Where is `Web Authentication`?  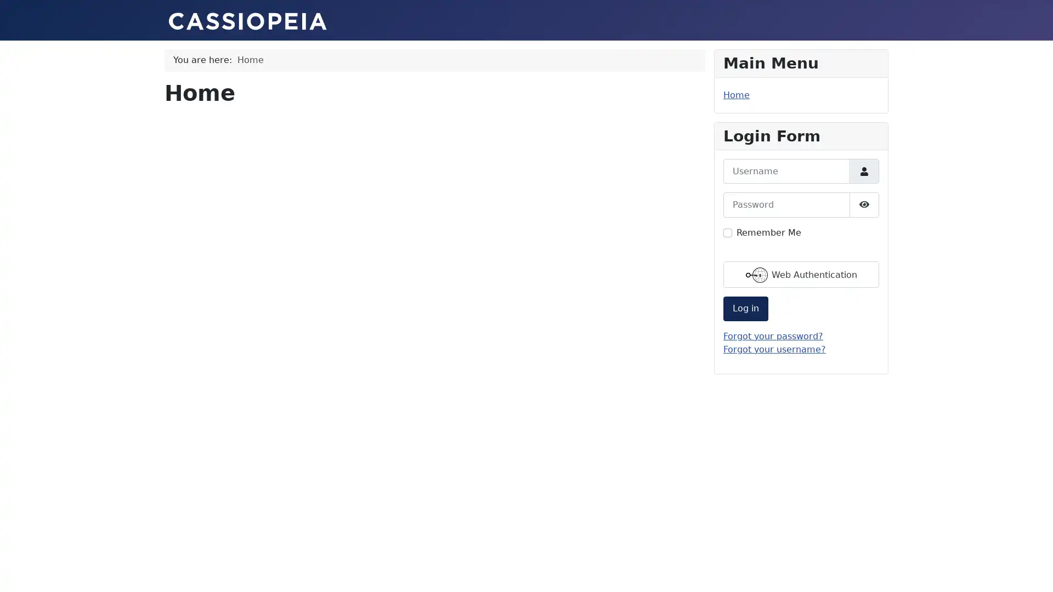
Web Authentication is located at coordinates (801, 274).